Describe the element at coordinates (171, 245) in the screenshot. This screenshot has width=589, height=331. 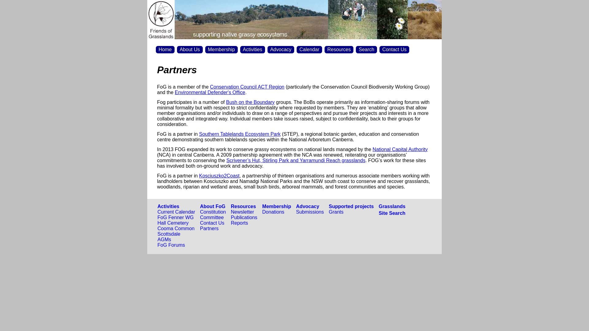
I see `'FoG Forums'` at that location.